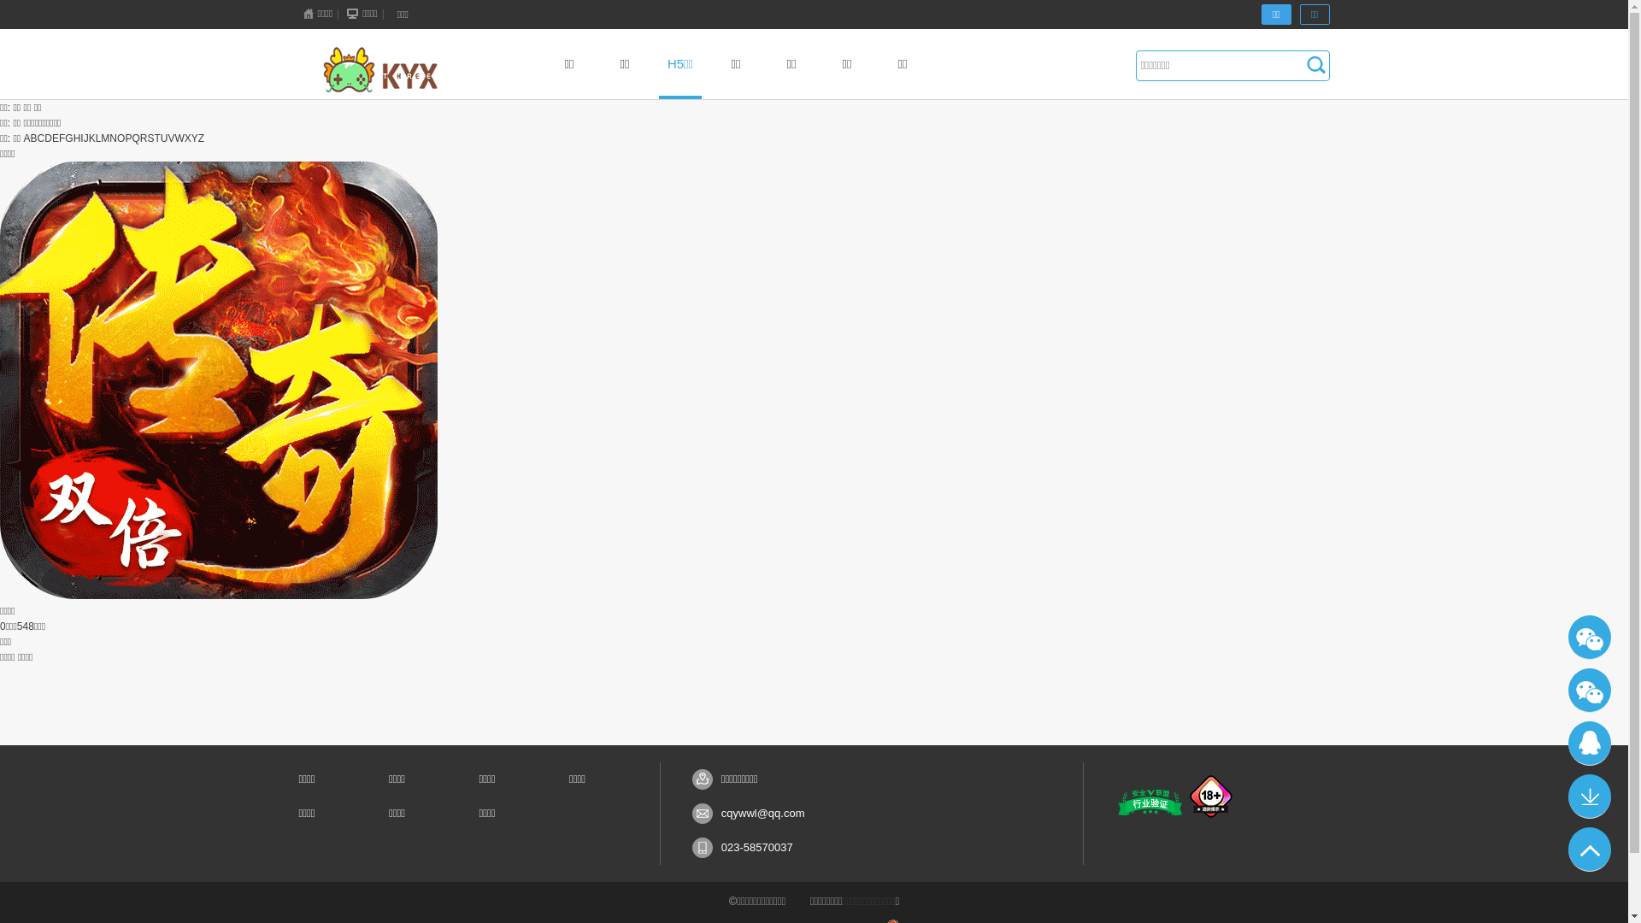 The height and width of the screenshot is (923, 1641). I want to click on 'C', so click(37, 138).